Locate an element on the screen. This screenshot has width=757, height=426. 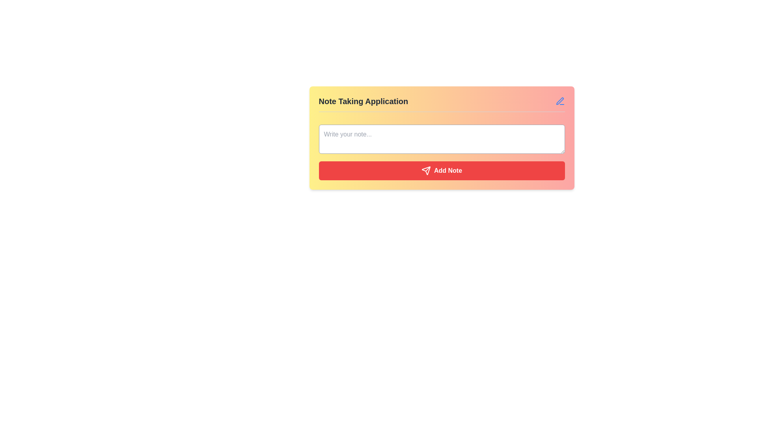
the button located at the bottom of the 'Note Taking Application' card is located at coordinates (442, 170).